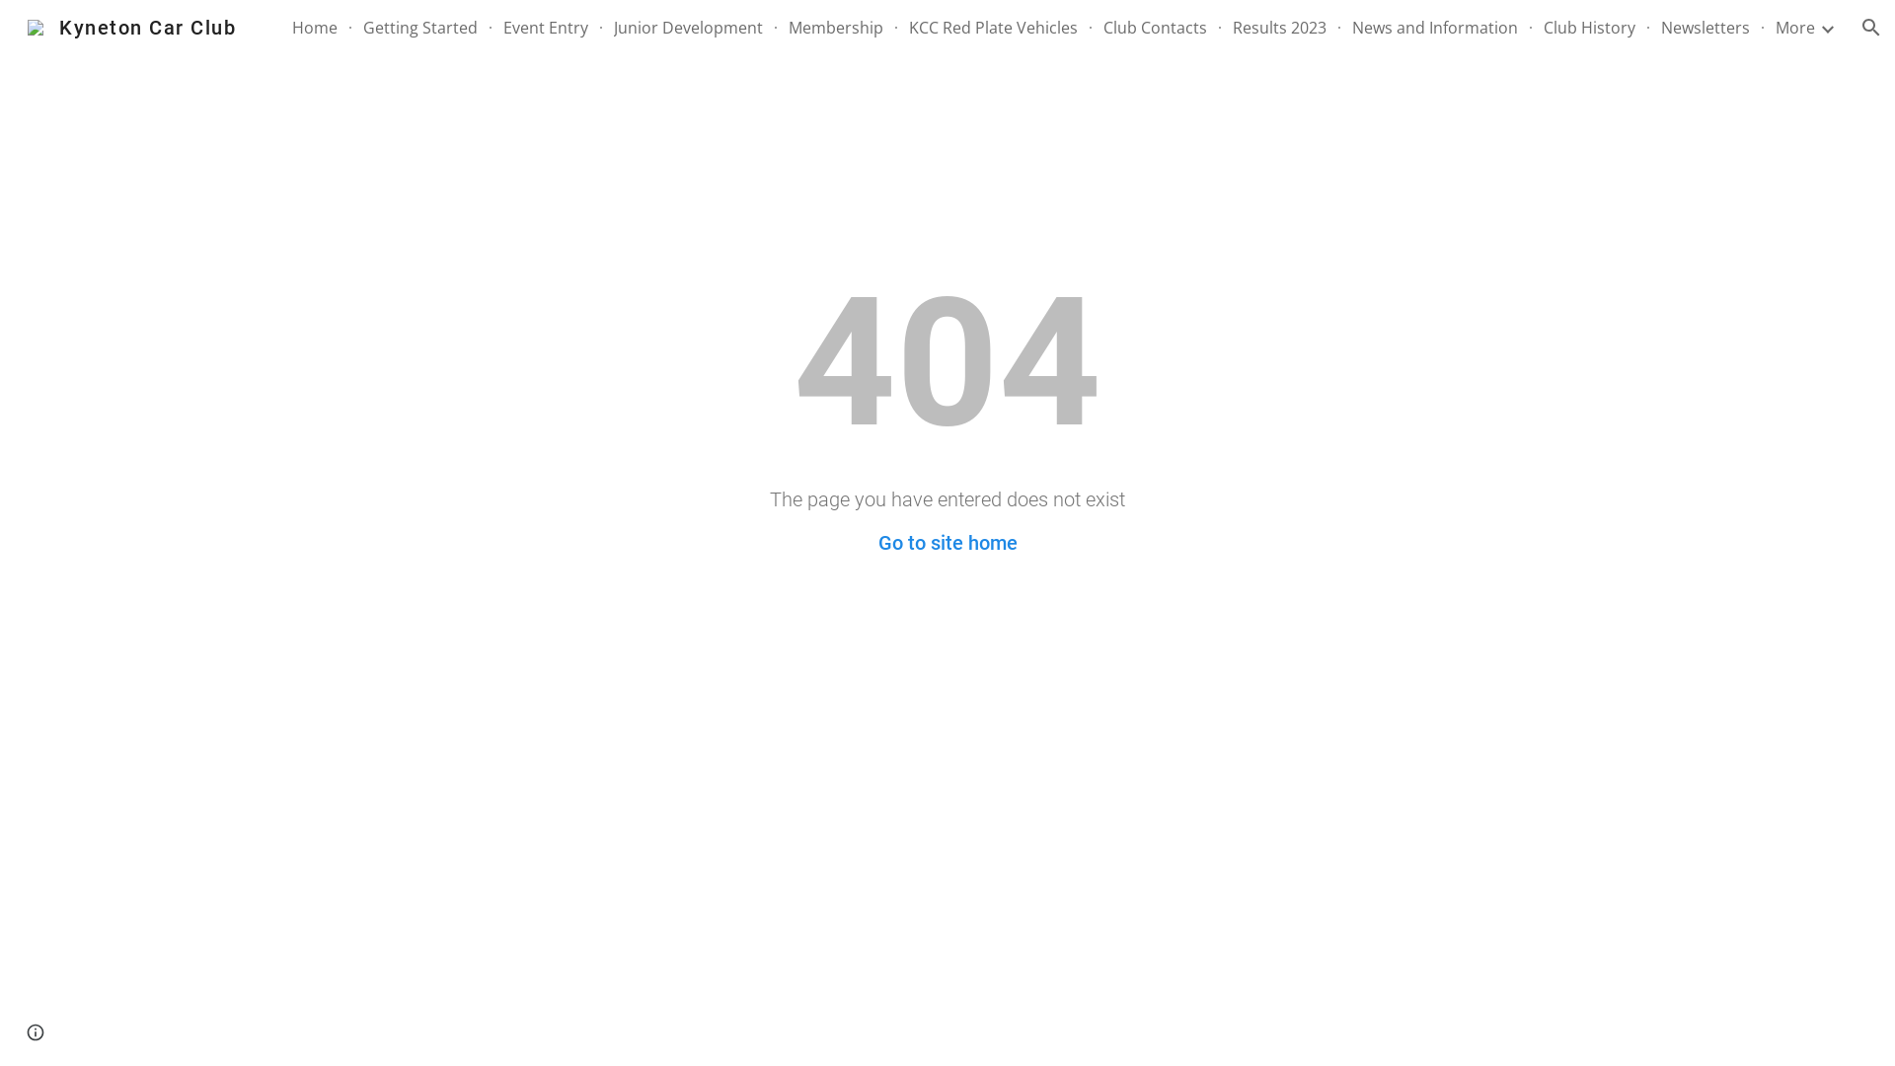 Image resolution: width=1895 pixels, height=1066 pixels. Describe the element at coordinates (835, 27) in the screenshot. I see `'Membership'` at that location.